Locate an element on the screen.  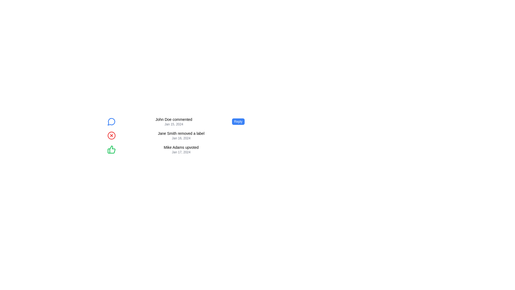
the static text display that shows 'Mike Adams upvoted', which is styled in small bold font and is the third item in a vertical list of events is located at coordinates (181, 147).